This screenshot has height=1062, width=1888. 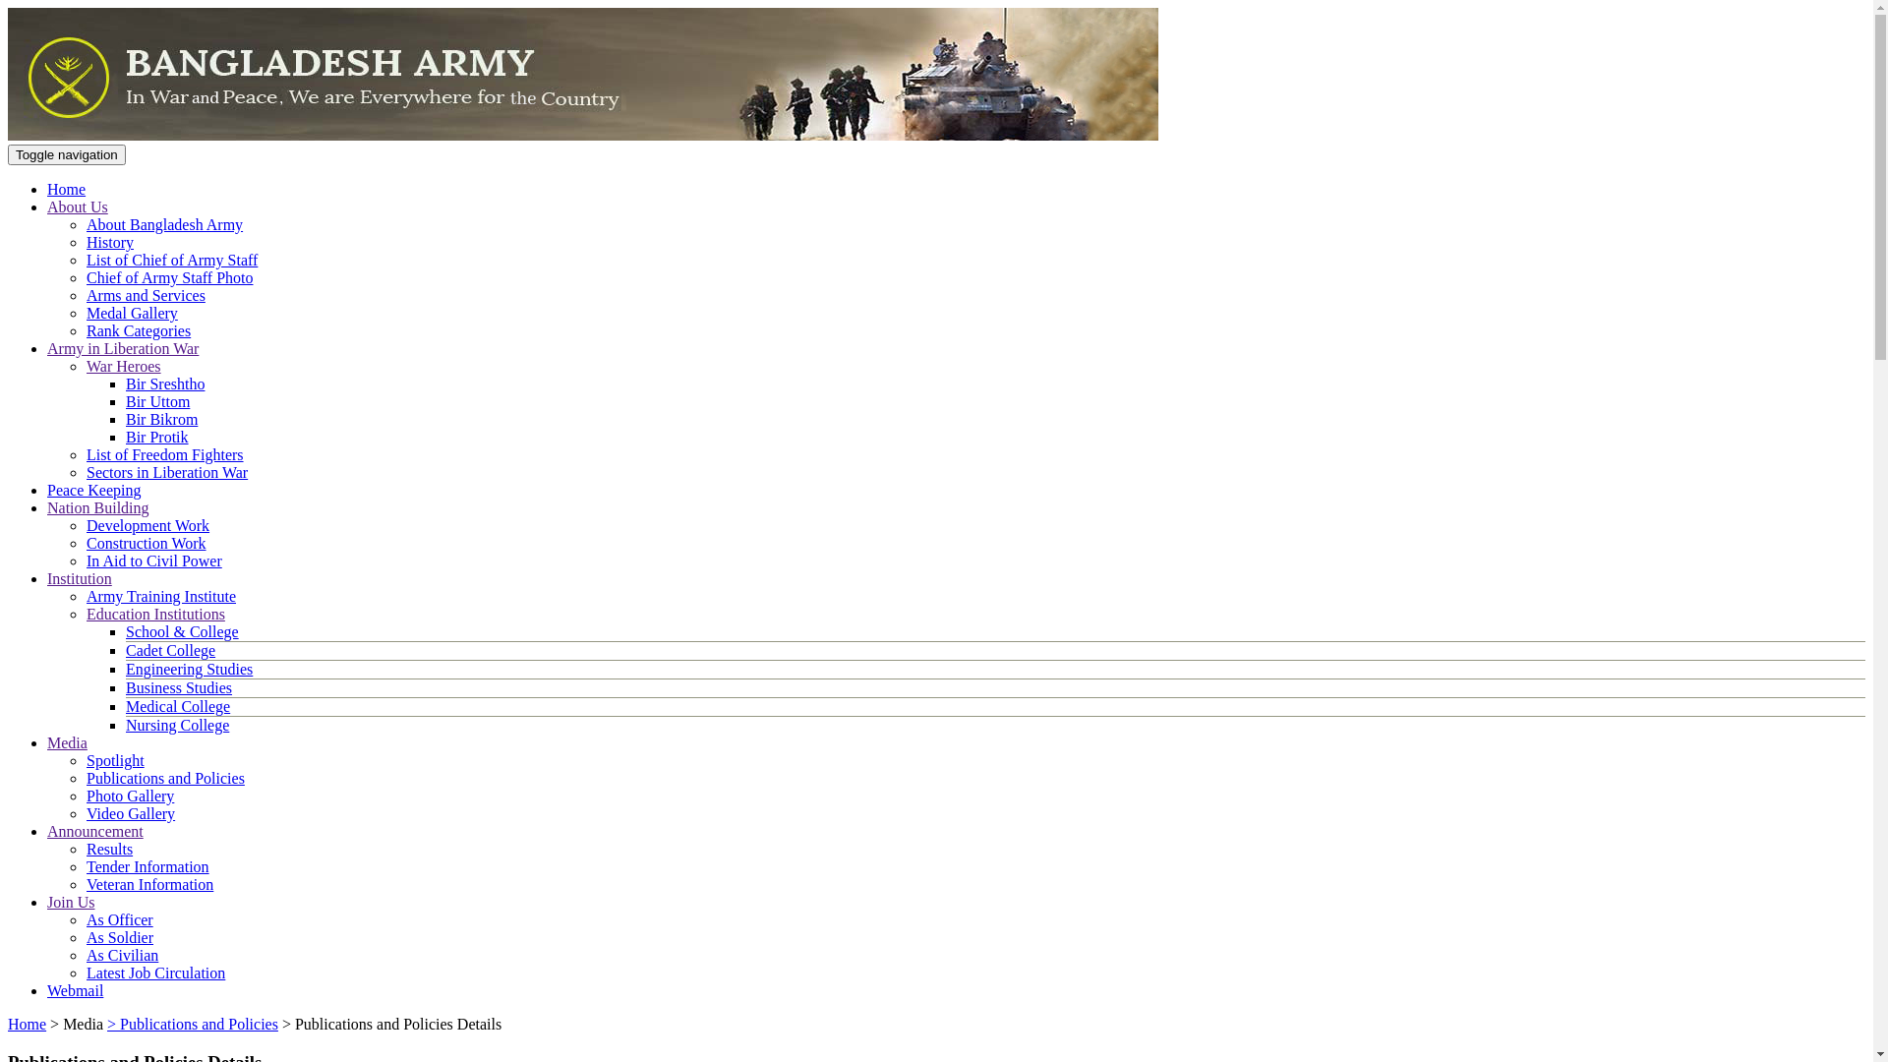 What do you see at coordinates (108, 848) in the screenshot?
I see `'Results'` at bounding box center [108, 848].